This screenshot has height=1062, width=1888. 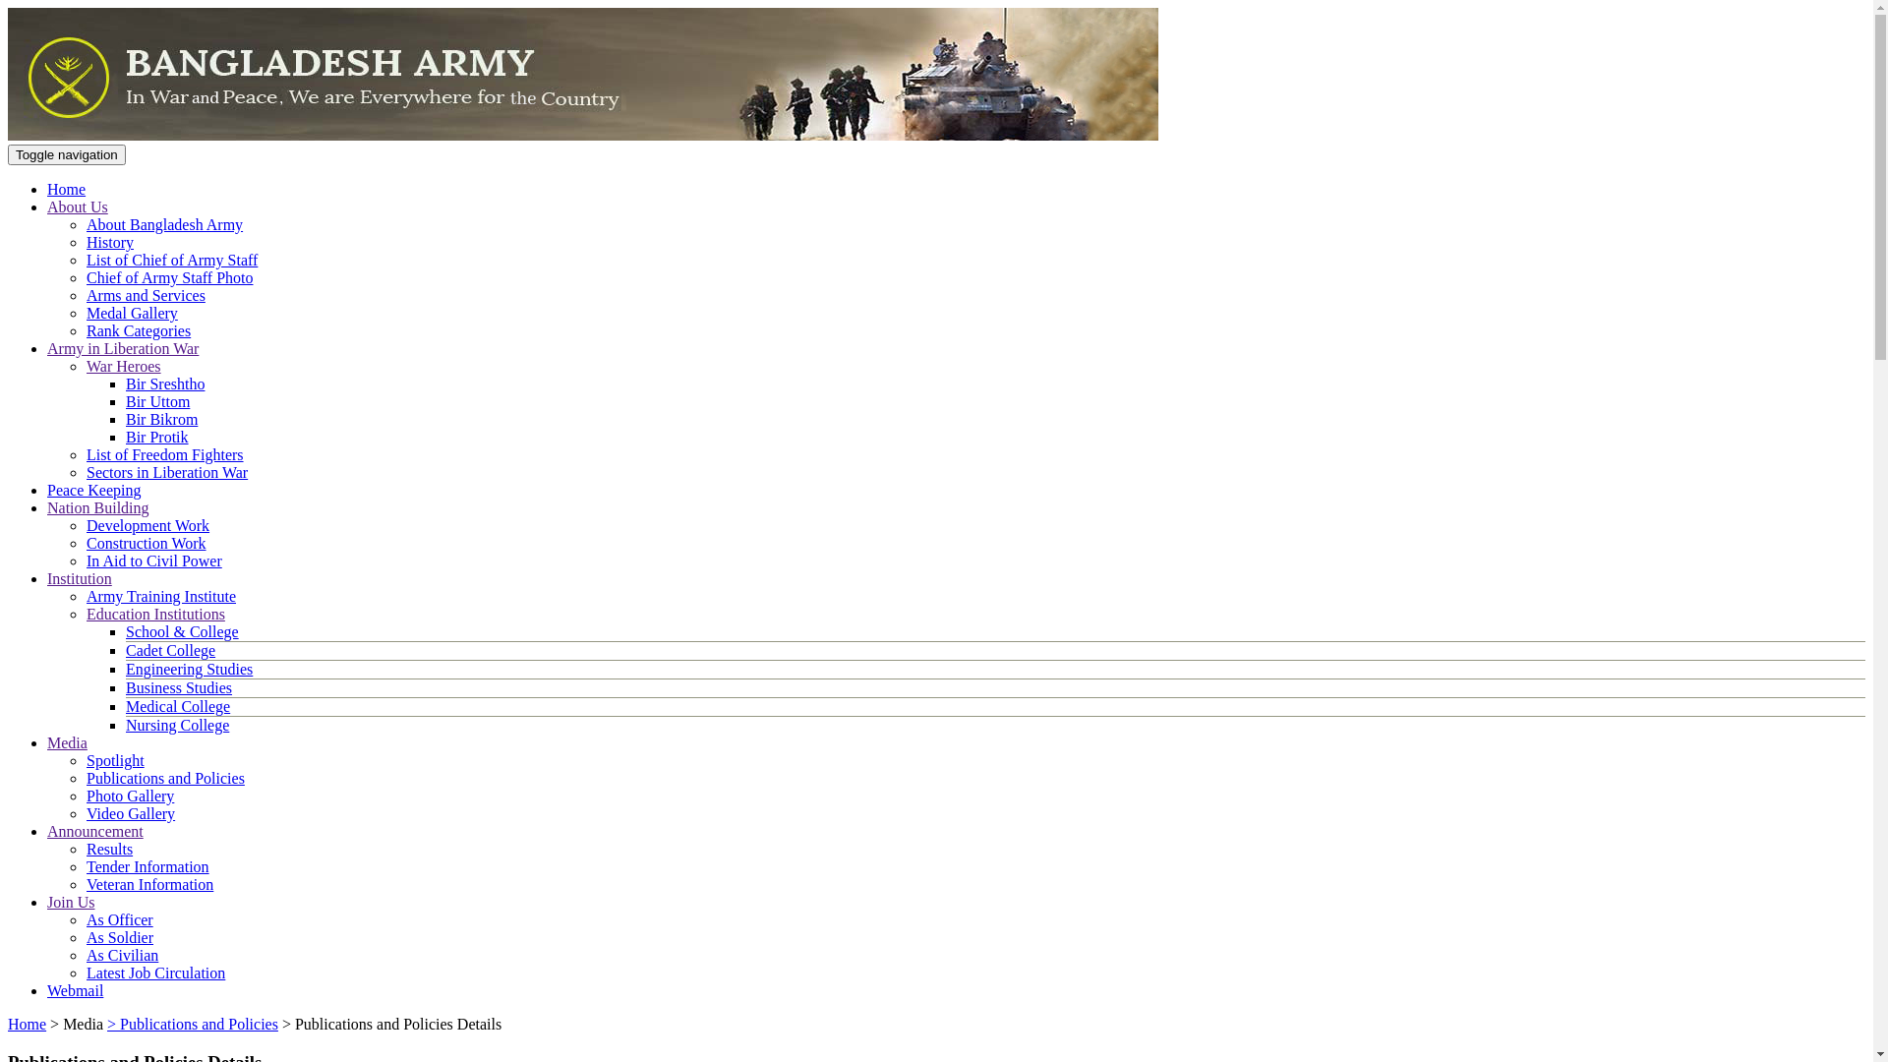 What do you see at coordinates (108, 848) in the screenshot?
I see `'Results'` at bounding box center [108, 848].